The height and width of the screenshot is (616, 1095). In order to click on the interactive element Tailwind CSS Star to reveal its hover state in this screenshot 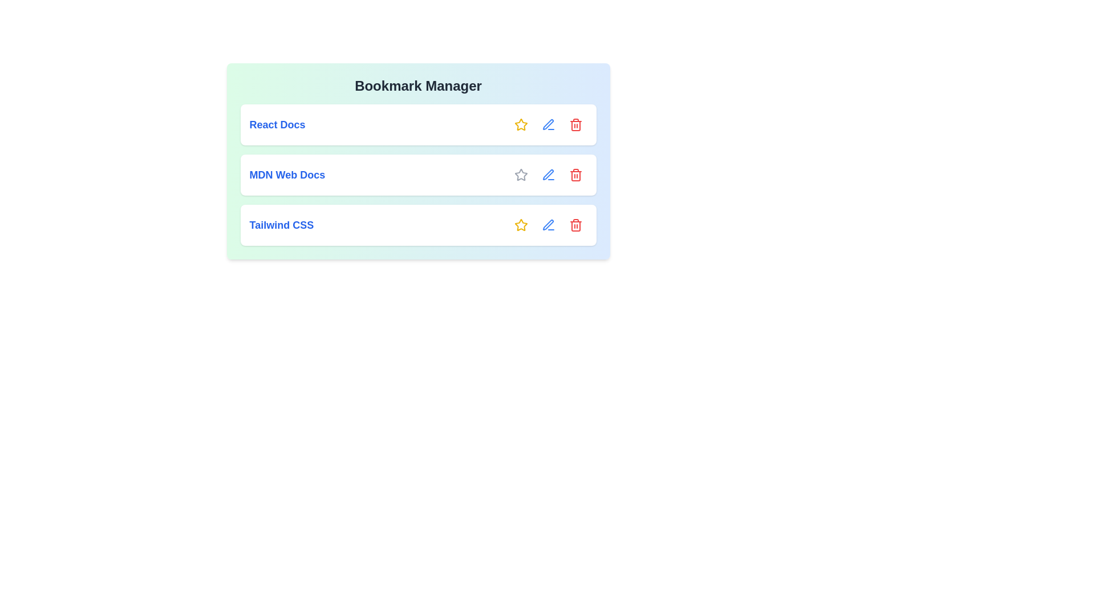, I will do `click(520, 225)`.